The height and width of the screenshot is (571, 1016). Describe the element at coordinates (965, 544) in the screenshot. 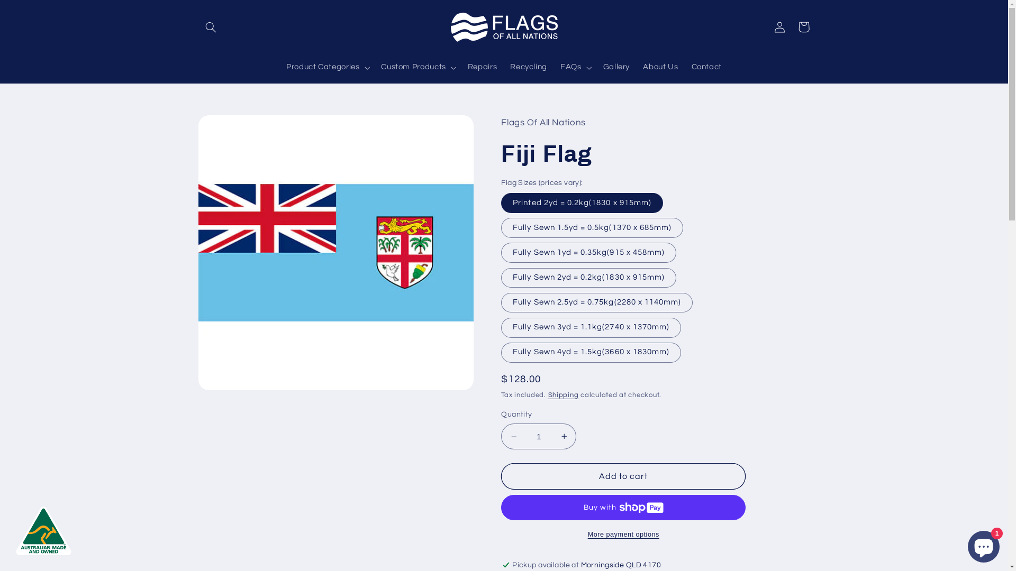

I see `'Shopify online store chat'` at that location.